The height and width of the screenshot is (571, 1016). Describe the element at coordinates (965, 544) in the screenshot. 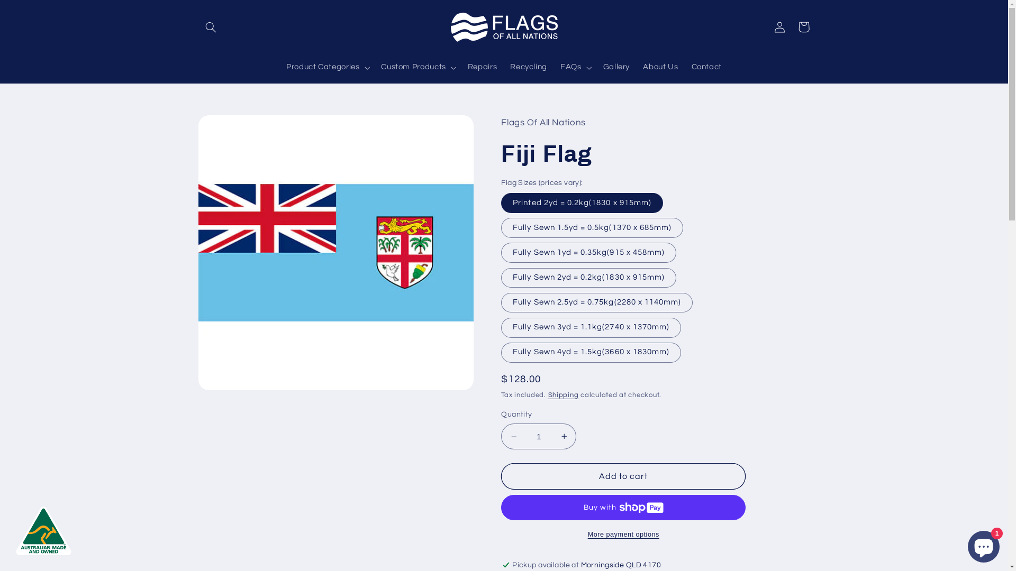

I see `'Shopify online store chat'` at that location.